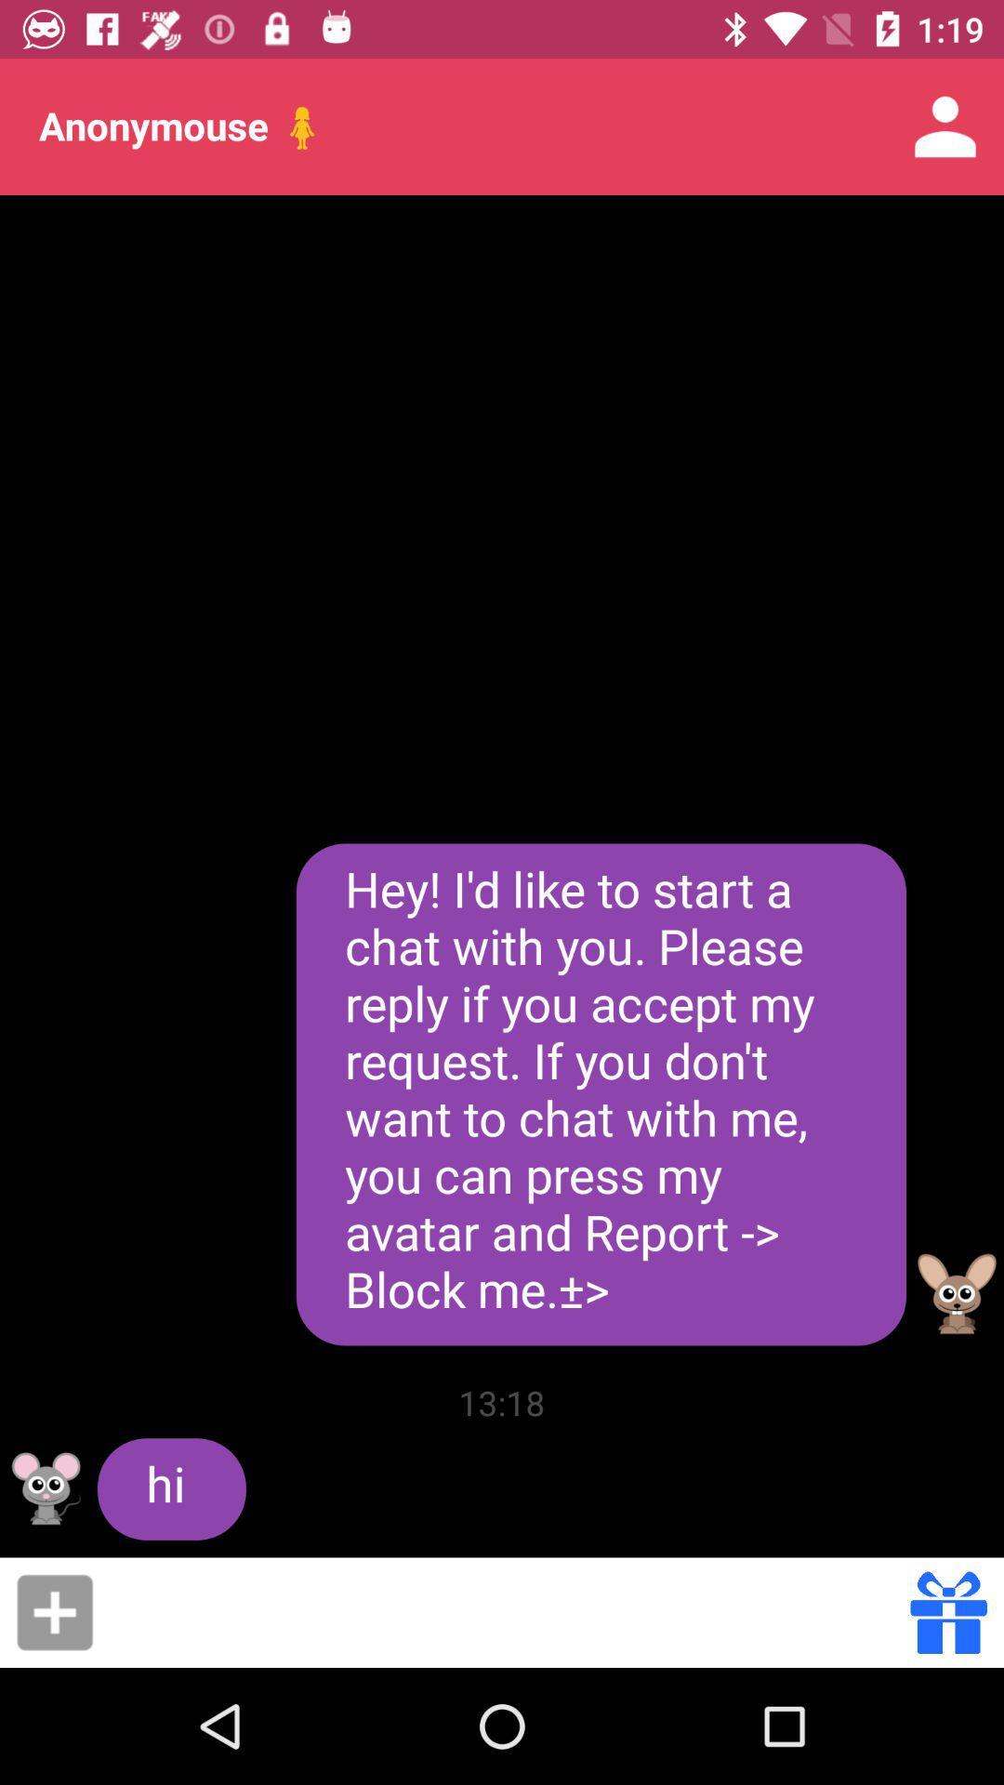  What do you see at coordinates (502, 1402) in the screenshot?
I see `the item to the right of hi  item` at bounding box center [502, 1402].